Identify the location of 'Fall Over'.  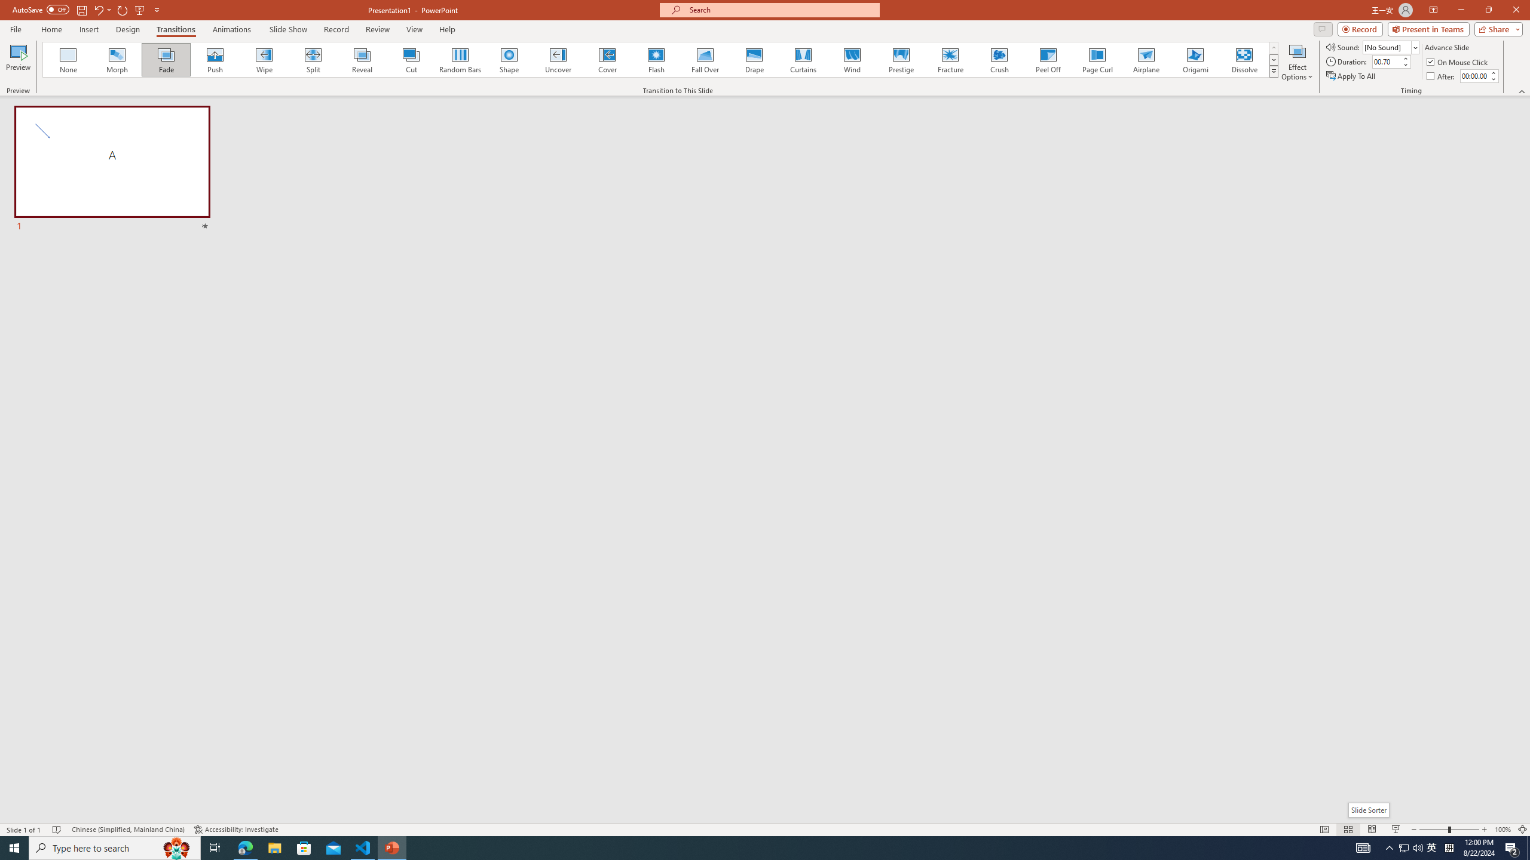
(705, 59).